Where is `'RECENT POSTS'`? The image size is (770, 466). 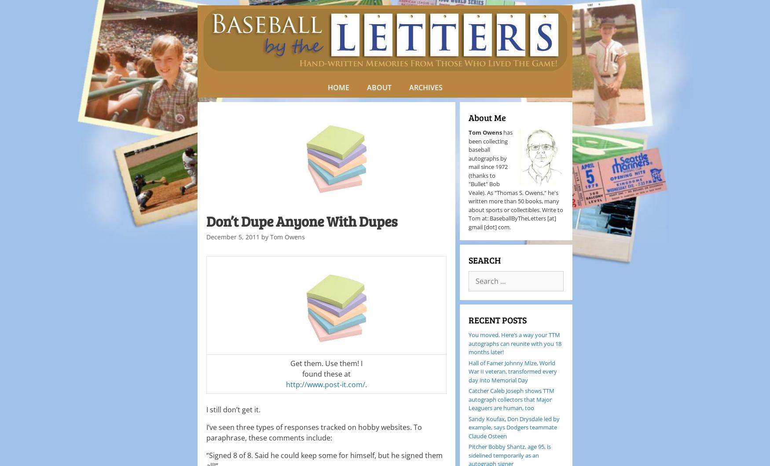
'RECENT POSTS' is located at coordinates (497, 320).